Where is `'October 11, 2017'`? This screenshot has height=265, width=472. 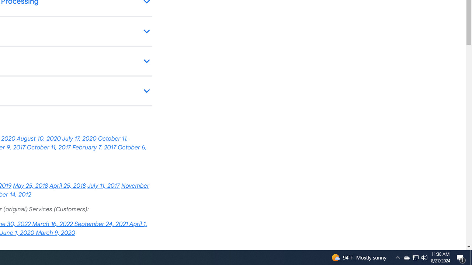
'October 11, 2017' is located at coordinates (48, 148).